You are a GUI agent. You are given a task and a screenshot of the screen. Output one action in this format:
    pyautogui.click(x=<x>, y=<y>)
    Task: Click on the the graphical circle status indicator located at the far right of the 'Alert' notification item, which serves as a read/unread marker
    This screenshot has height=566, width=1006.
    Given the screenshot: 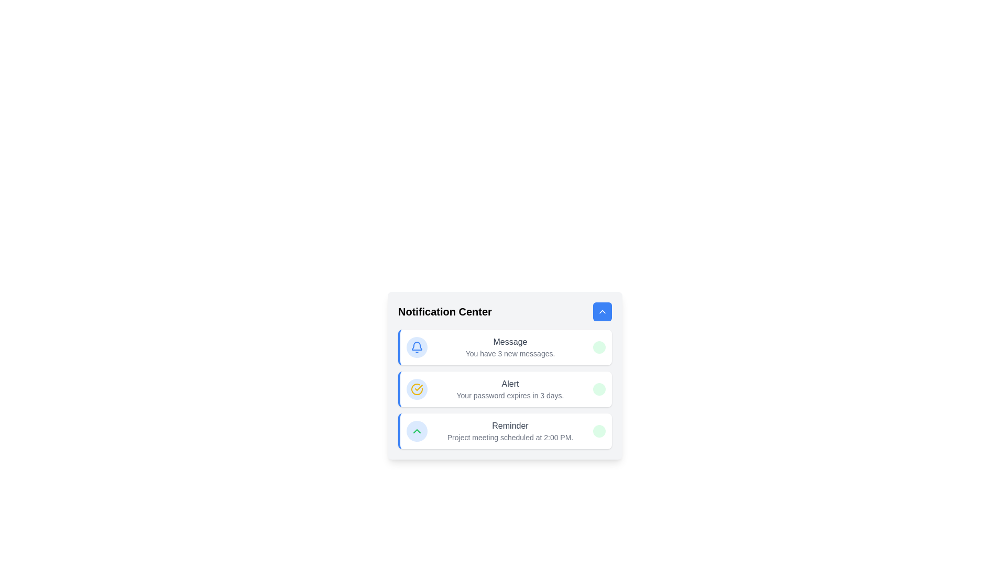 What is the action you would take?
    pyautogui.click(x=606, y=391)
    